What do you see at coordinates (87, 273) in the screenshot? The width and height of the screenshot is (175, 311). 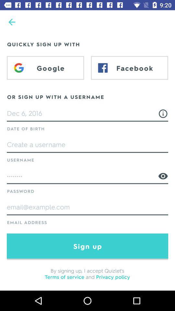 I see `the by signing up icon` at bounding box center [87, 273].